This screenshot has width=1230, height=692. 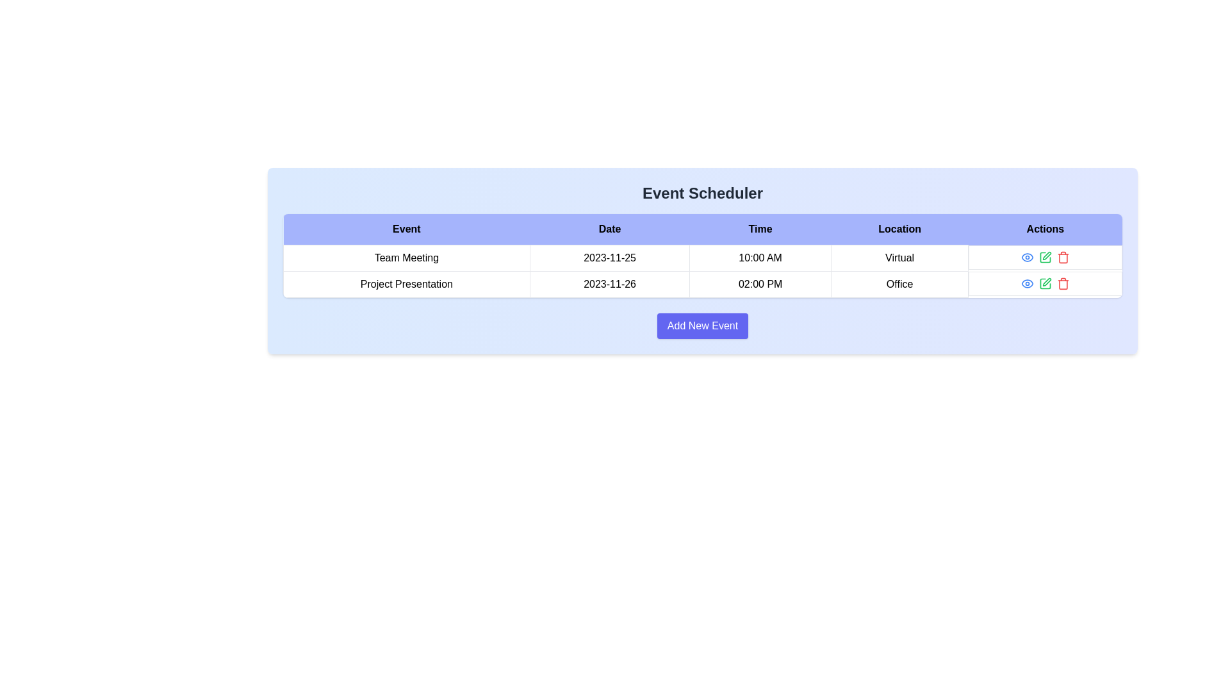 I want to click on the green edit icon within the 'Actions' column of the second row for the 'Project Presentation' event, so click(x=1047, y=281).